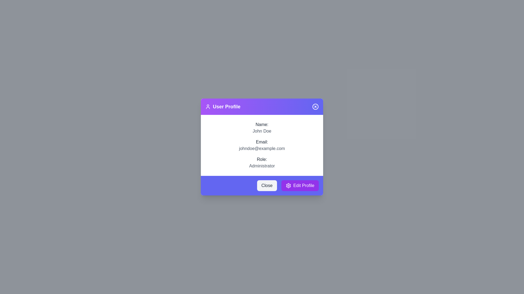 This screenshot has height=294, width=524. Describe the element at coordinates (223, 107) in the screenshot. I see `the 'User Profile' label with the user icon, which is styled in bold font and located in the upper-left corner of the modal header, to the right of the header's left edge` at that location.